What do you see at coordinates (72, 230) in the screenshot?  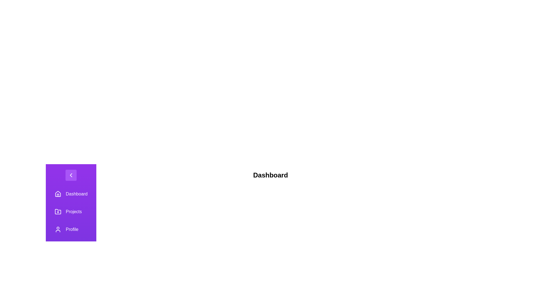 I see `the 'Profile' menu item, which is the third entry in the vertical navigation menu, displayed in white on a purple background` at bounding box center [72, 230].